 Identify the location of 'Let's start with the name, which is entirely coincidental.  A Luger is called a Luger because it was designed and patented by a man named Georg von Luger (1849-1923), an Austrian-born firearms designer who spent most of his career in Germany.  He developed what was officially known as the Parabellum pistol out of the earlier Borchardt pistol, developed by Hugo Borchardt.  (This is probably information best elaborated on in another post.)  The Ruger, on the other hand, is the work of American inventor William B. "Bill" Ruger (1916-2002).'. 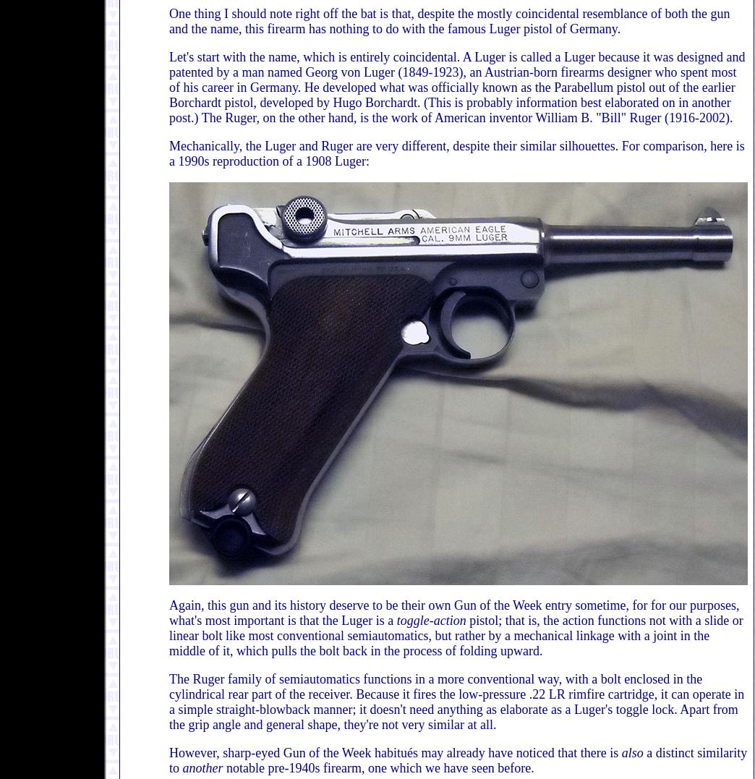
(457, 86).